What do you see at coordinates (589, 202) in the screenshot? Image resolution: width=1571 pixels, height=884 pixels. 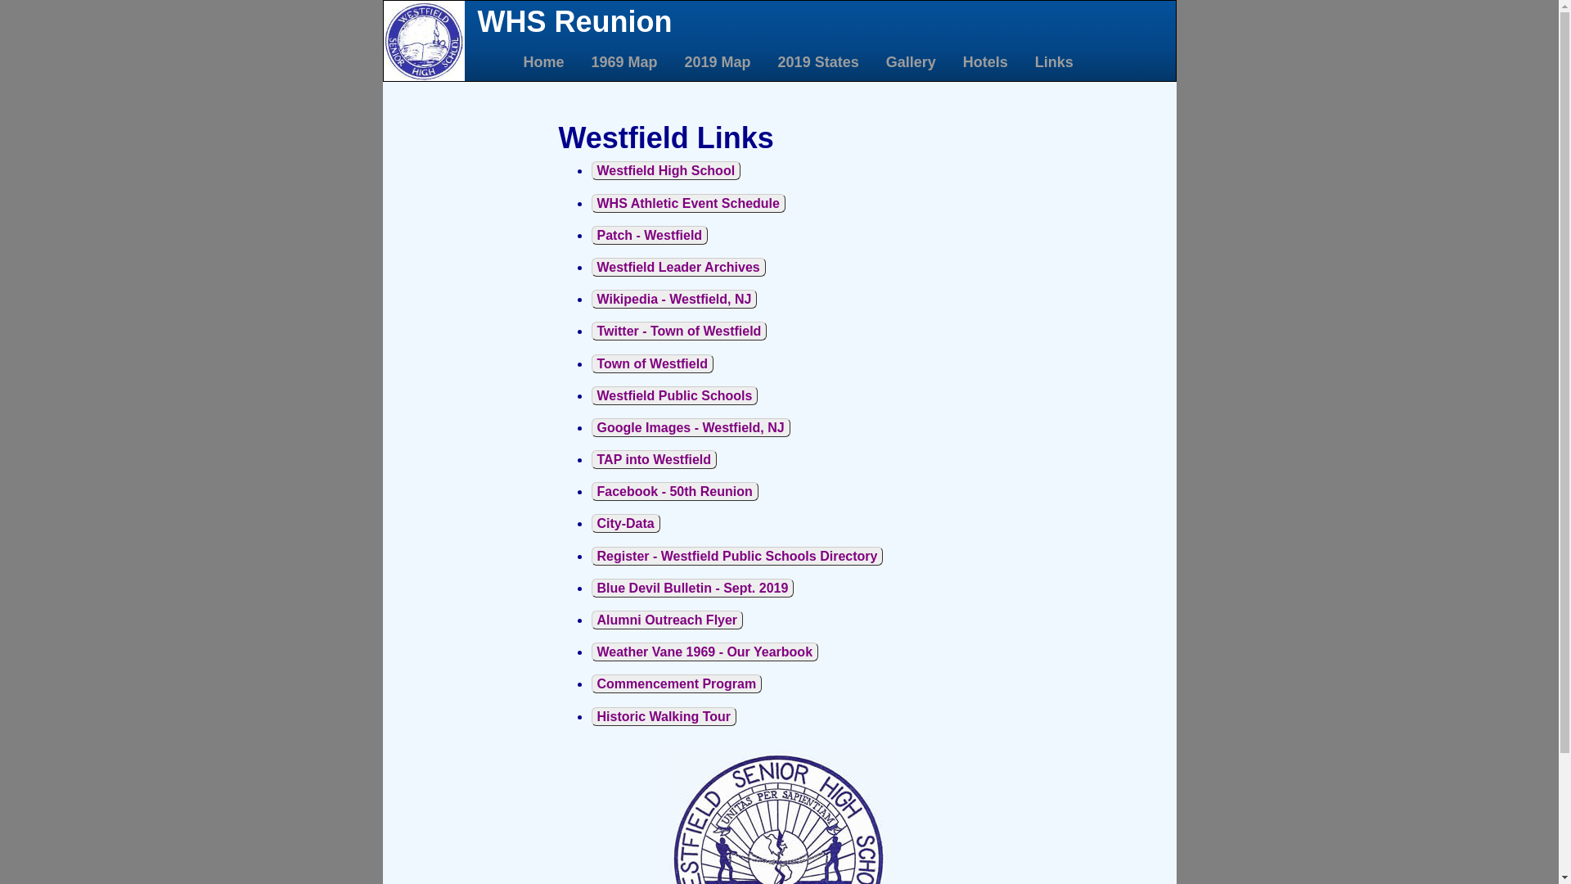 I see `'WHS Athletic Event Schedule'` at bounding box center [589, 202].